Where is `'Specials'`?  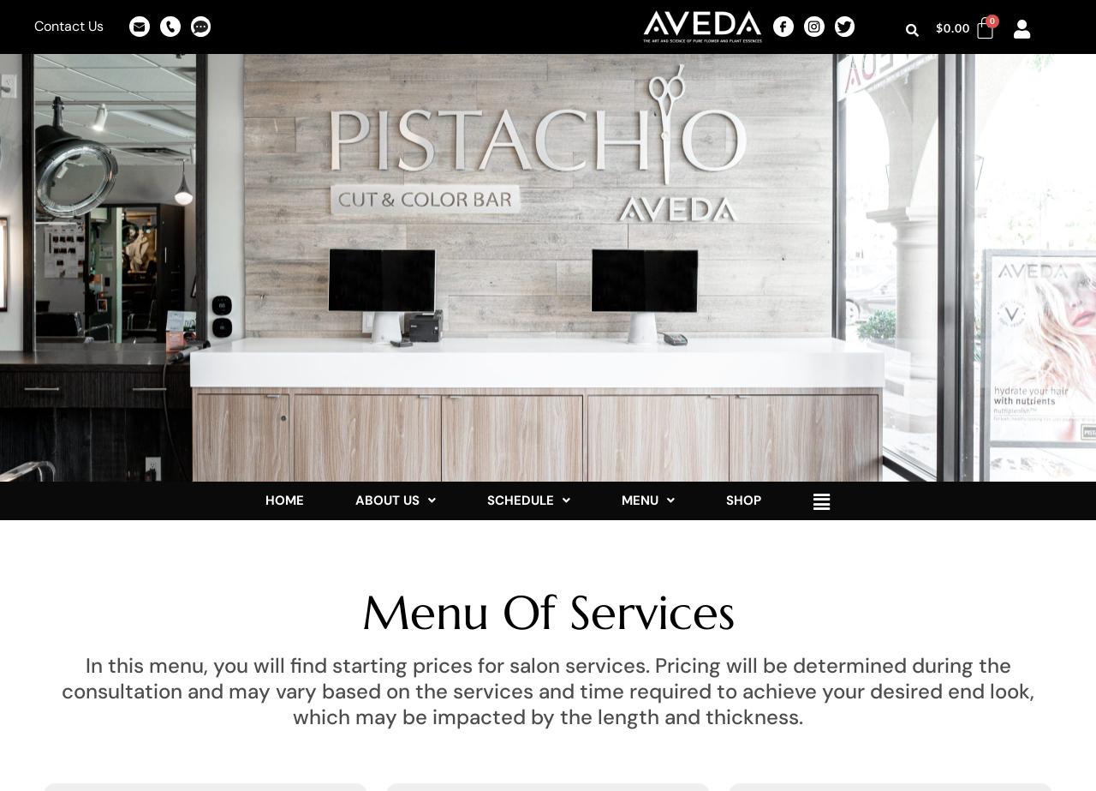
'Specials' is located at coordinates (664, 576).